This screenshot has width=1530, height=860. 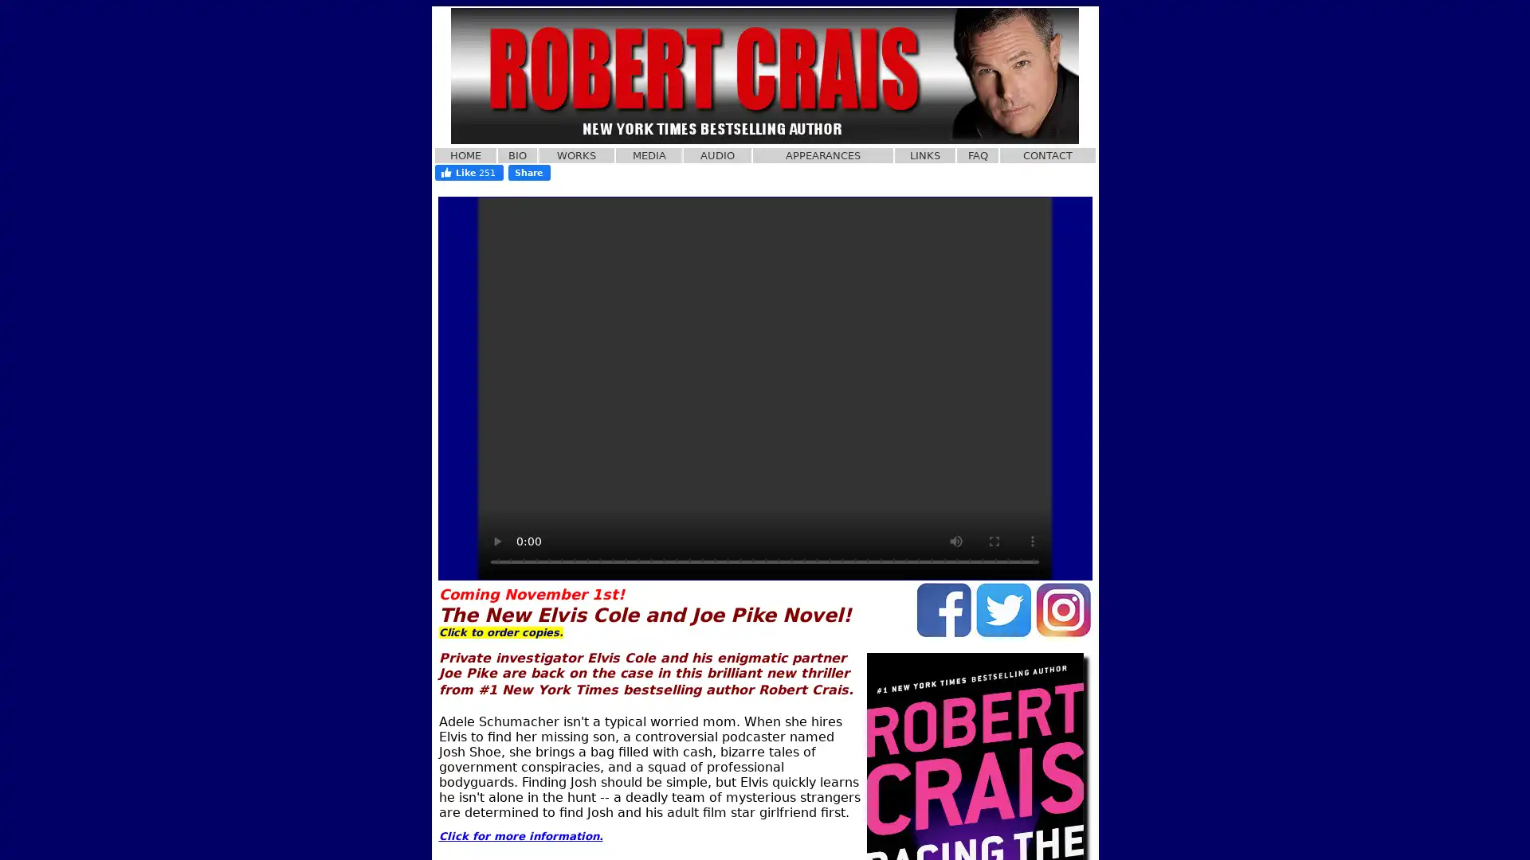 I want to click on mute, so click(x=956, y=540).